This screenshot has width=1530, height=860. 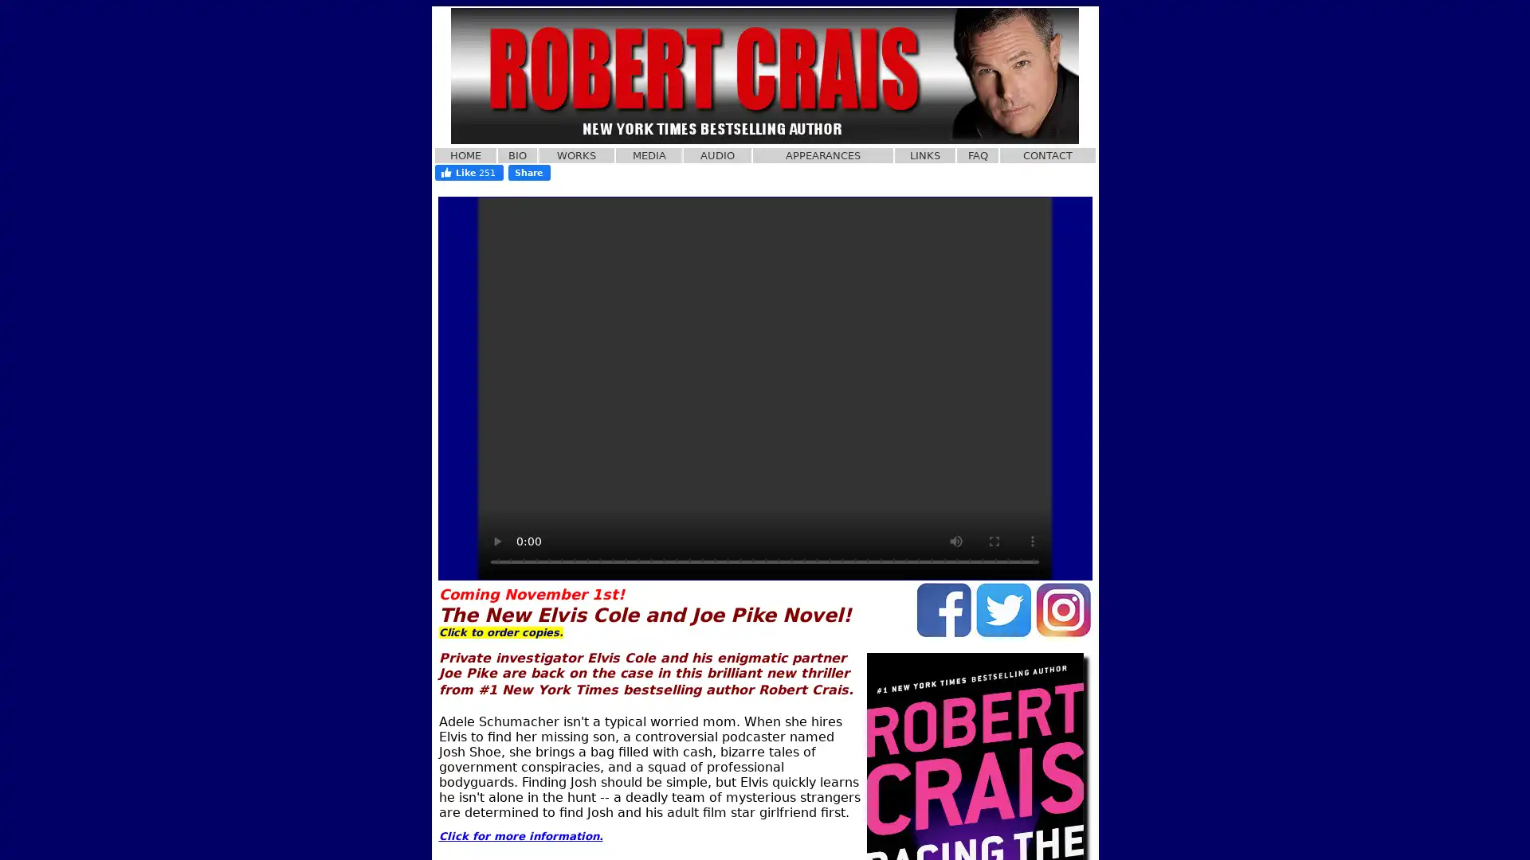 I want to click on mute, so click(x=956, y=540).